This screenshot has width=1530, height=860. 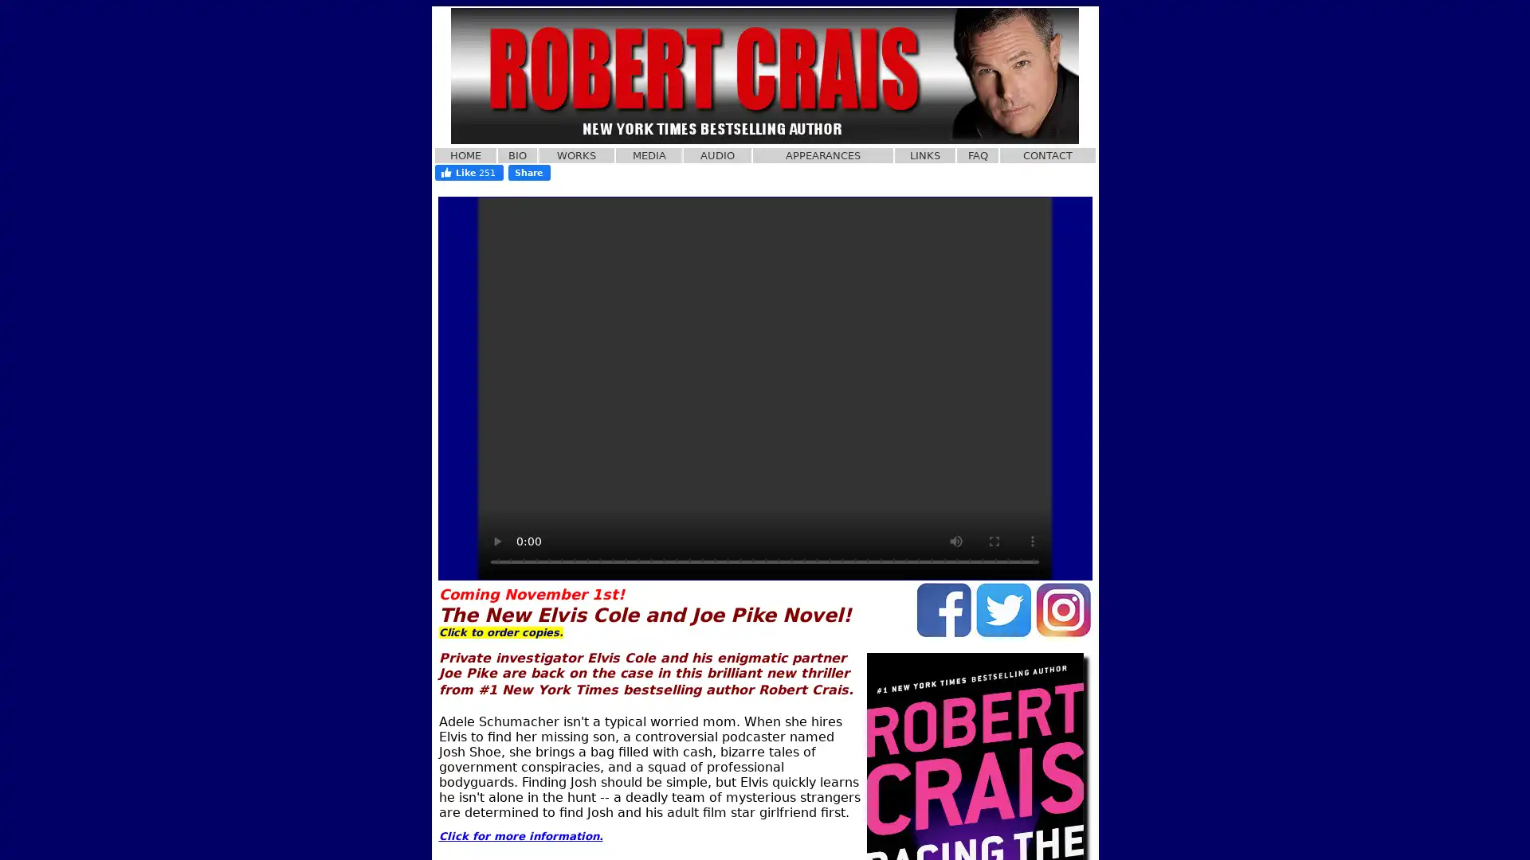 I want to click on mute, so click(x=956, y=540).